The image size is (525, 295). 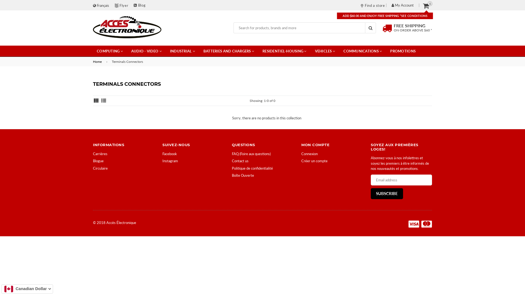 I want to click on 'Grid View', so click(x=96, y=101).